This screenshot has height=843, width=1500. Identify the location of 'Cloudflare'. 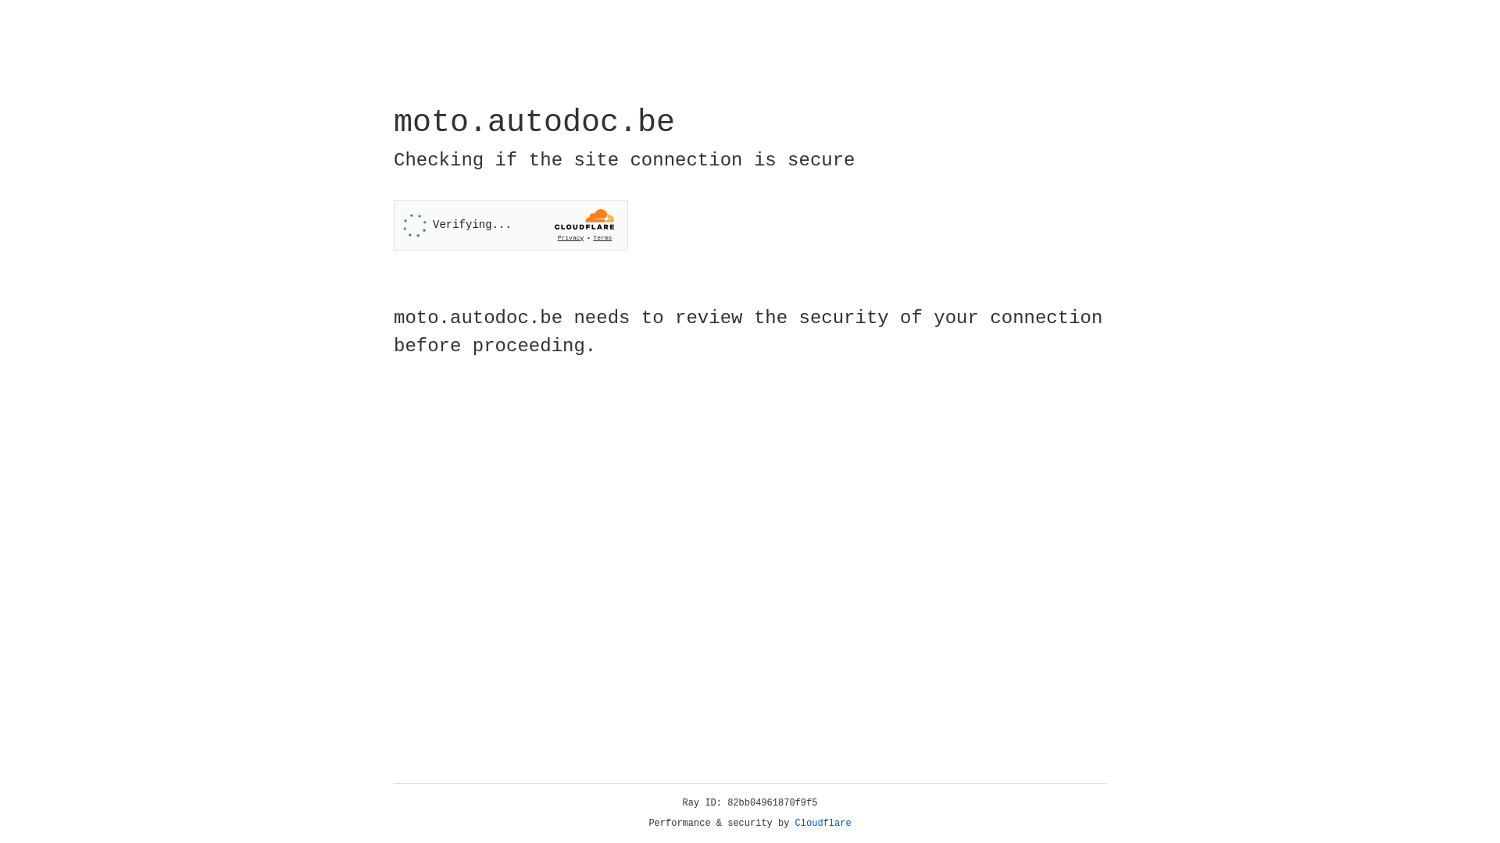
(823, 823).